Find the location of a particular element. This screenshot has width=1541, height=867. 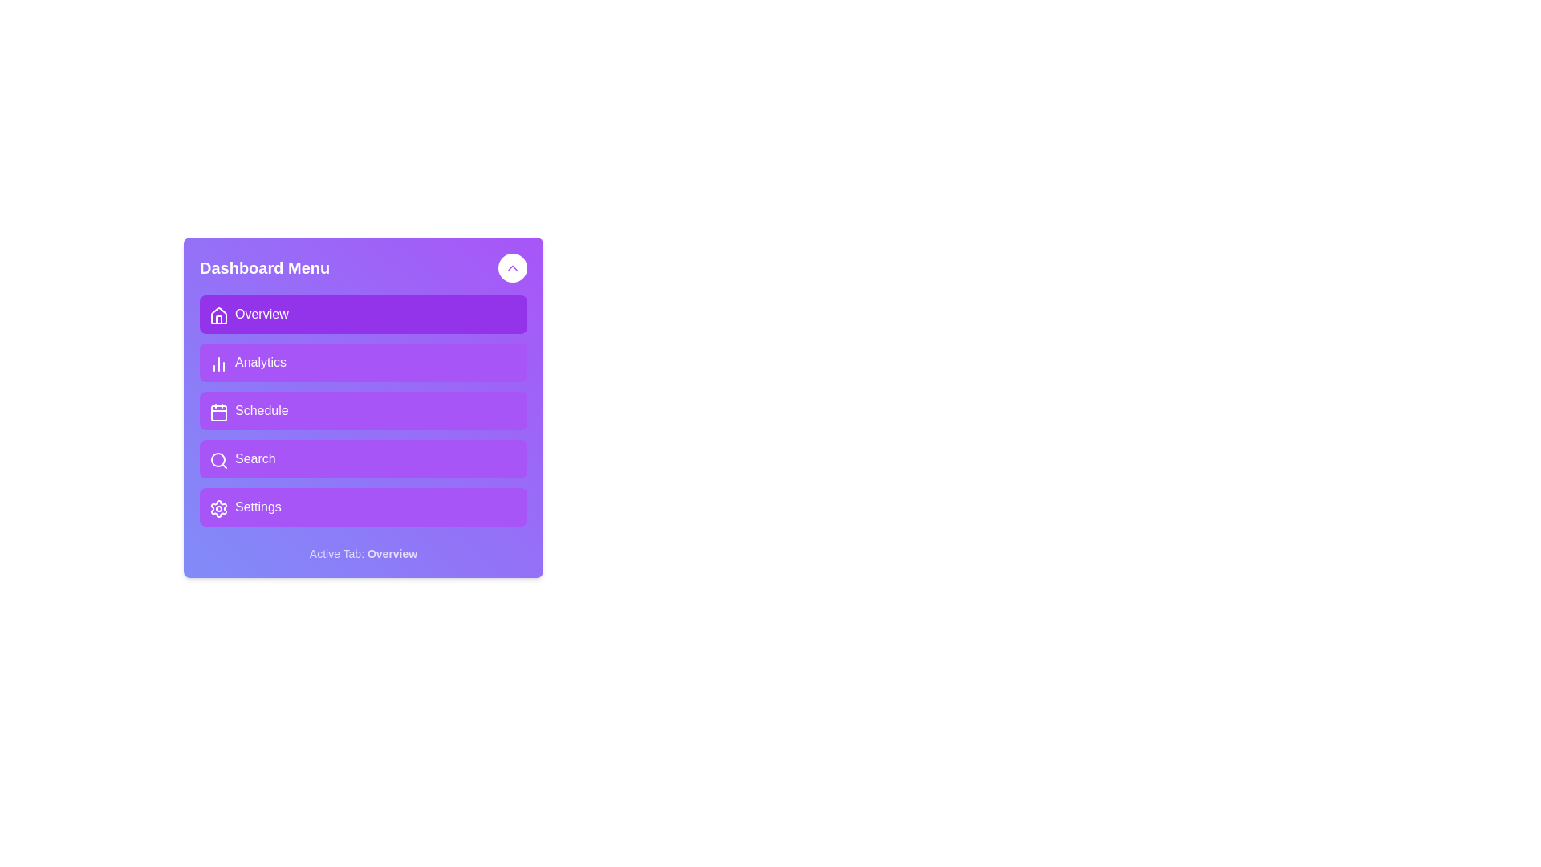

the 'Dashboard Menu' text label, which is prominently displayed in white on a purple background at the top of the sidebar menu is located at coordinates (265, 267).